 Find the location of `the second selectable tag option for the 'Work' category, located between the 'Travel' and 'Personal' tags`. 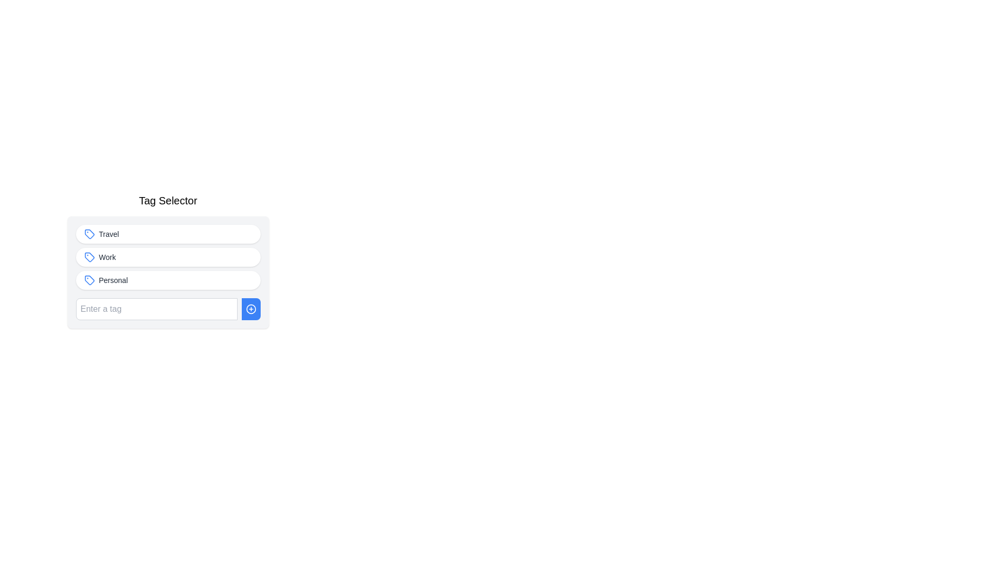

the second selectable tag option for the 'Work' category, located between the 'Travel' and 'Personal' tags is located at coordinates (168, 260).